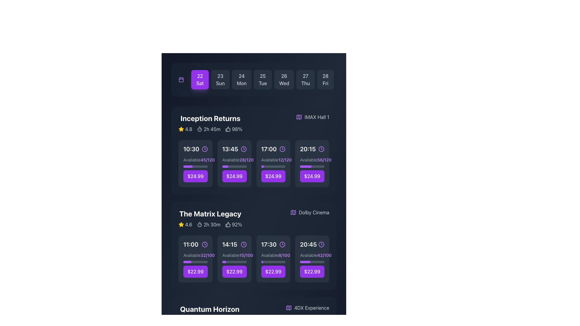 This screenshot has width=580, height=326. I want to click on the button to proceed with selecting seats for the '17:30' showing of 'The Matrix Legacy' to trigger a background color change, so click(273, 265).